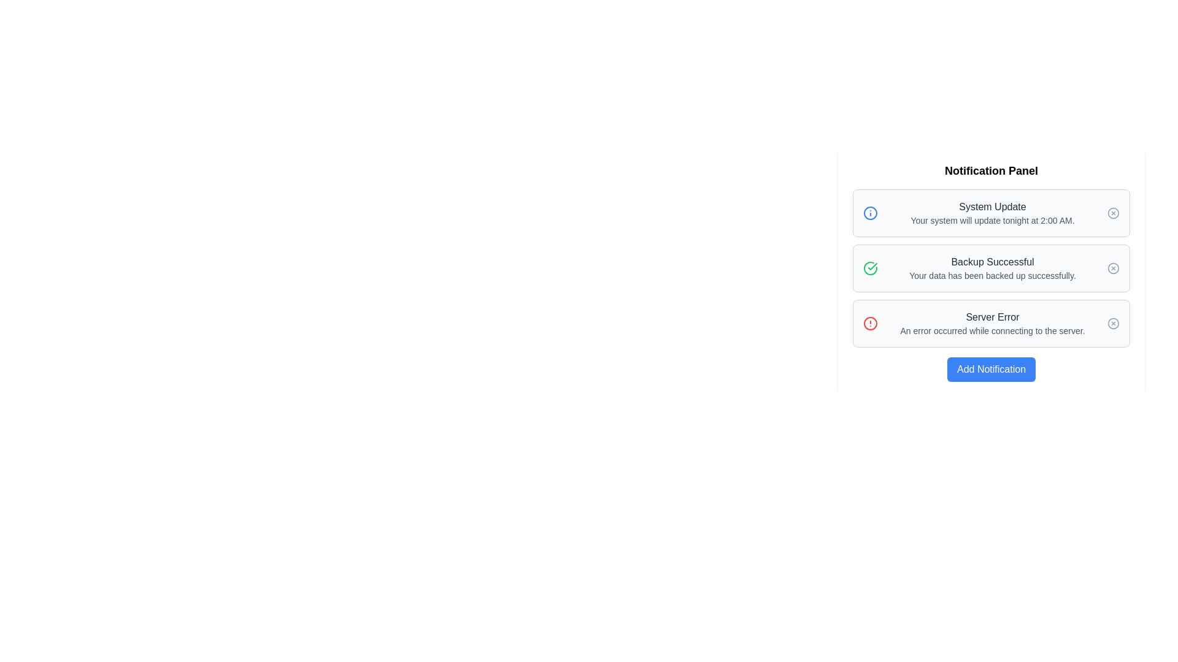 The height and width of the screenshot is (662, 1178). What do you see at coordinates (870, 212) in the screenshot?
I see `the informational notification icon located at the top left corner of the 'System Update' box in the notification list` at bounding box center [870, 212].